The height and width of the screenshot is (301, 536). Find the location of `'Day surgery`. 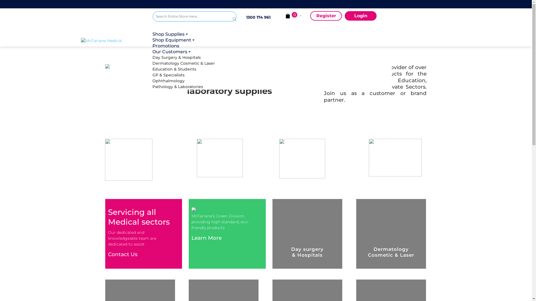

'Day surgery is located at coordinates (310, 234).